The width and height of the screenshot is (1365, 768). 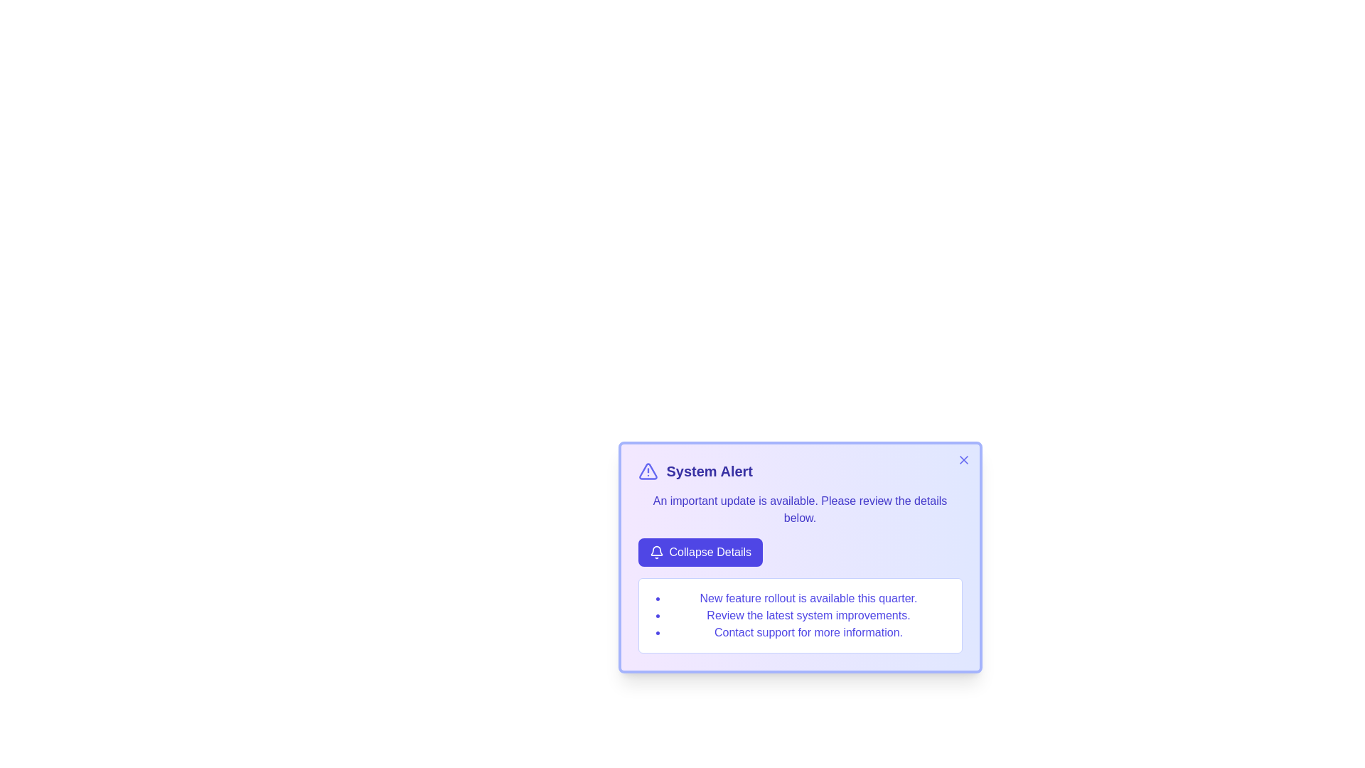 What do you see at coordinates (963, 460) in the screenshot?
I see `the close icon in the top-right corner of the alert` at bounding box center [963, 460].